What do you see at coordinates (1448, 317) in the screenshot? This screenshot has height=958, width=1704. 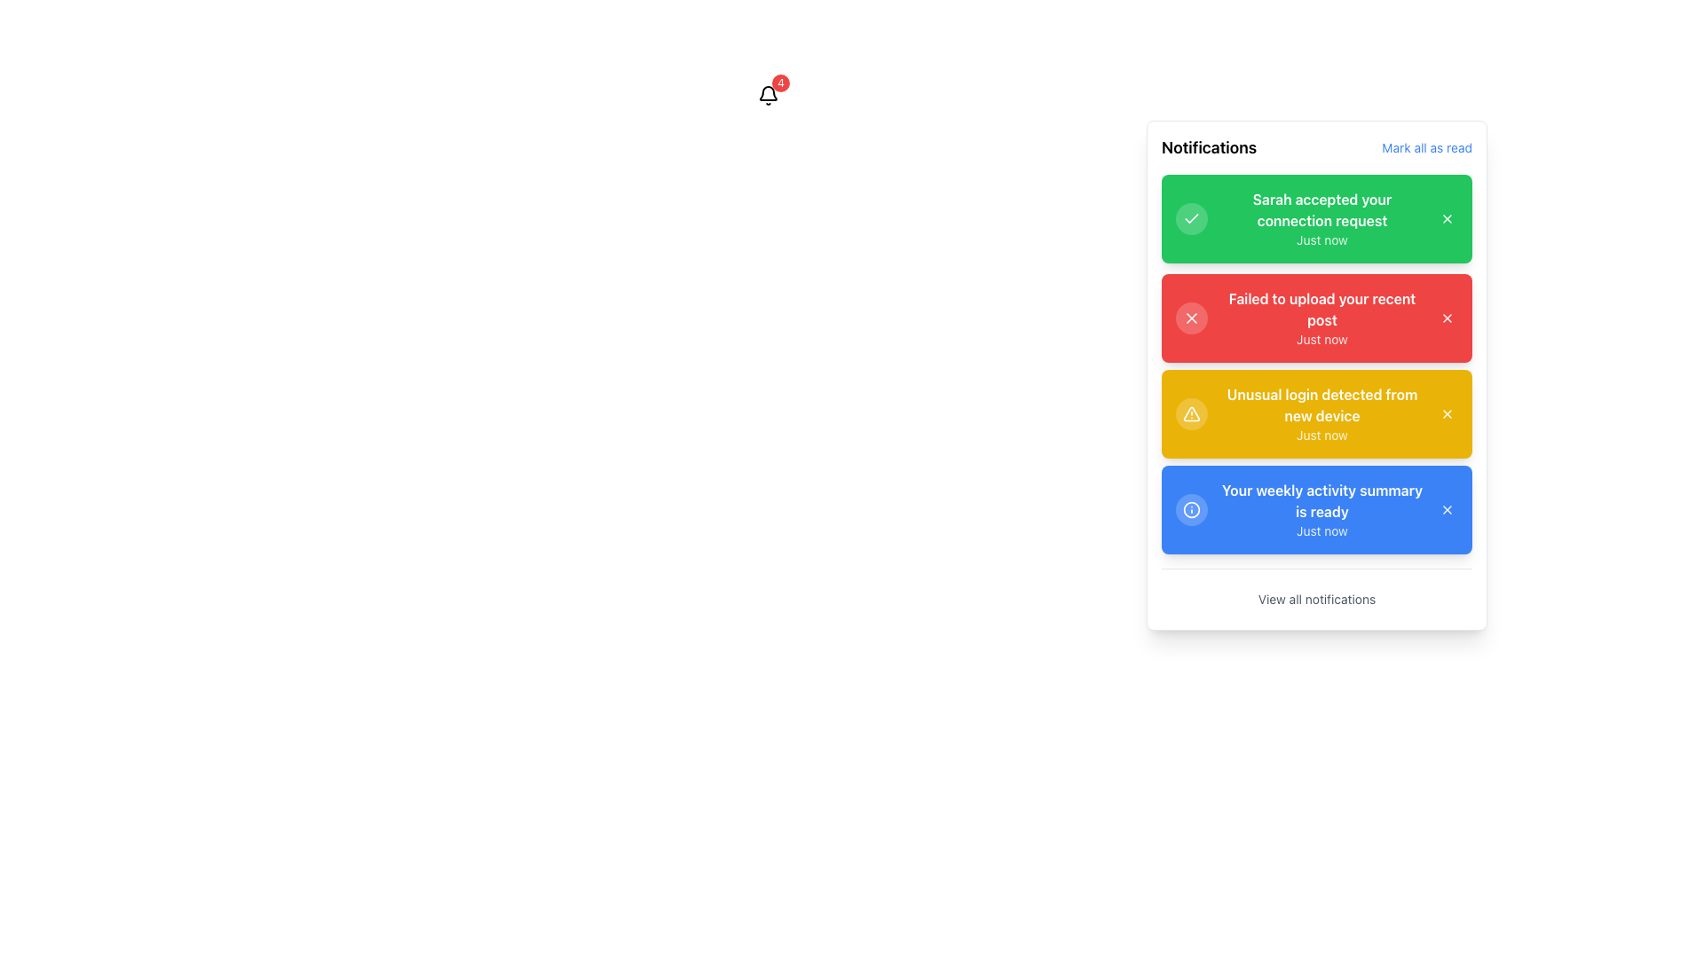 I see `the close button located at the right edge of the notification box labeled 'Failed to upload your recent post'` at bounding box center [1448, 317].